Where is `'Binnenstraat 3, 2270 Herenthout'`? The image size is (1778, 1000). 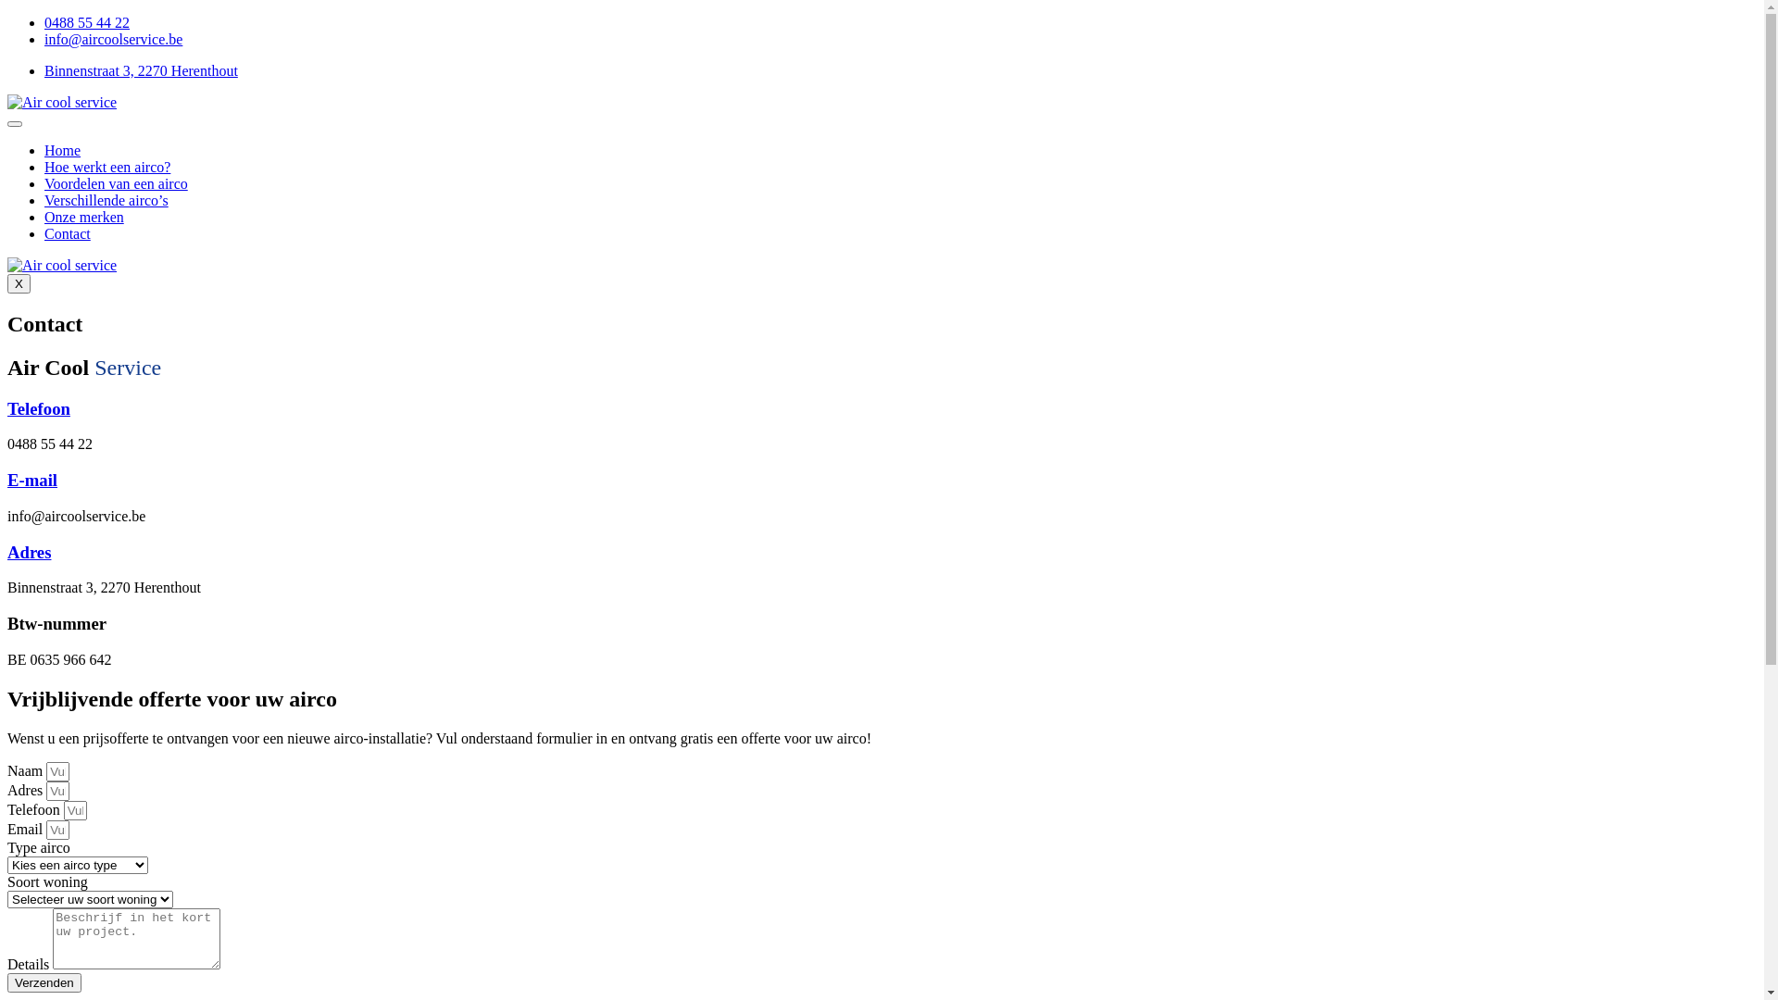
'Binnenstraat 3, 2270 Herenthout' is located at coordinates (44, 69).